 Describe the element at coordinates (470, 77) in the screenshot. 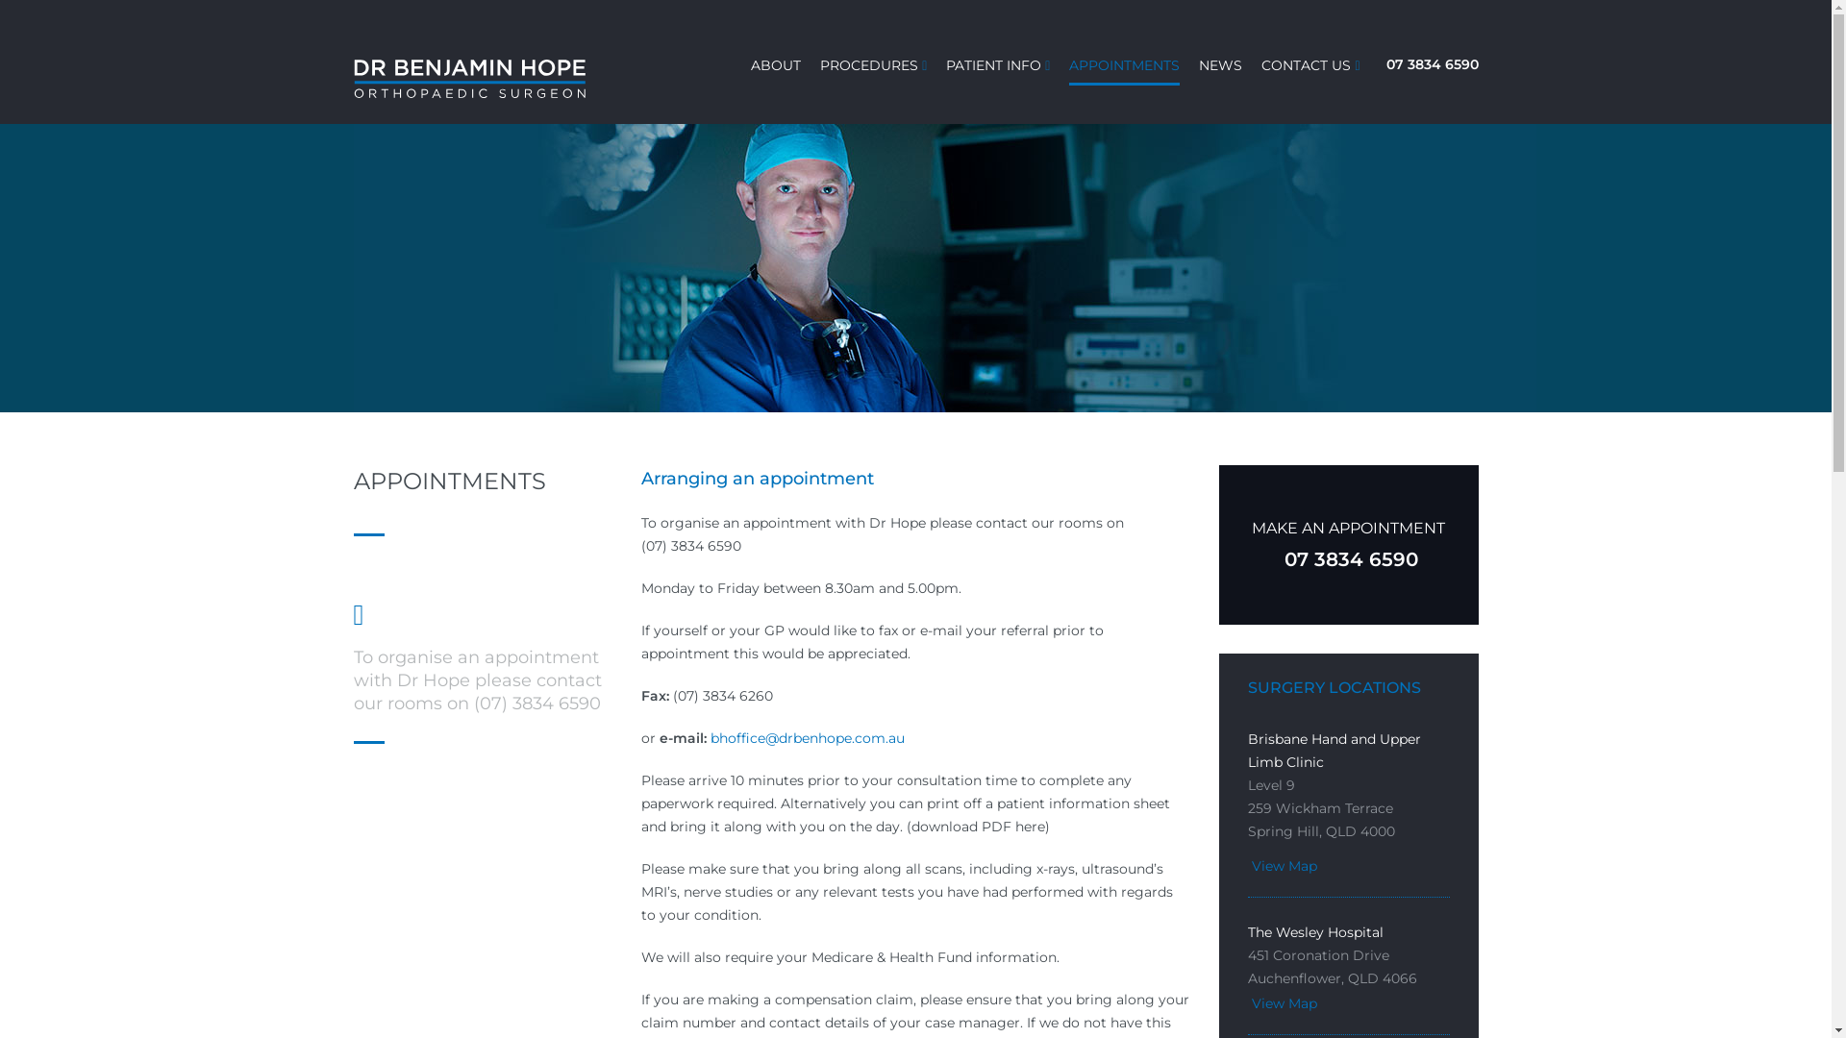

I see `'image logo'` at that location.